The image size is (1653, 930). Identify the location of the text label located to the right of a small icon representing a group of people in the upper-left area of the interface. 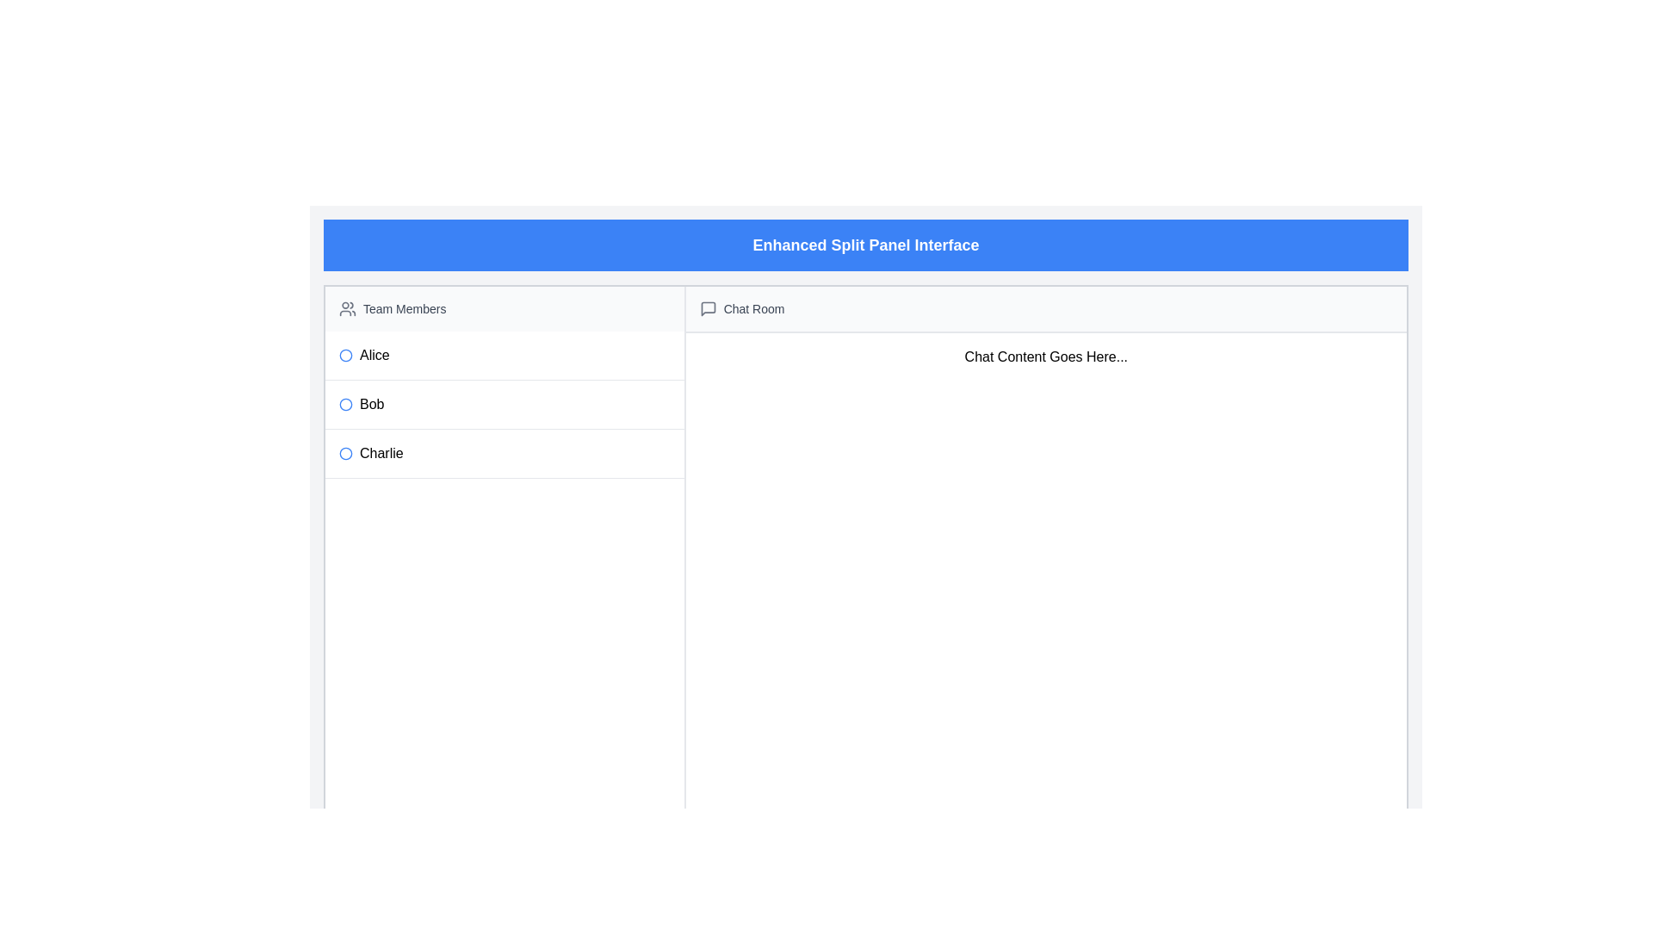
(404, 307).